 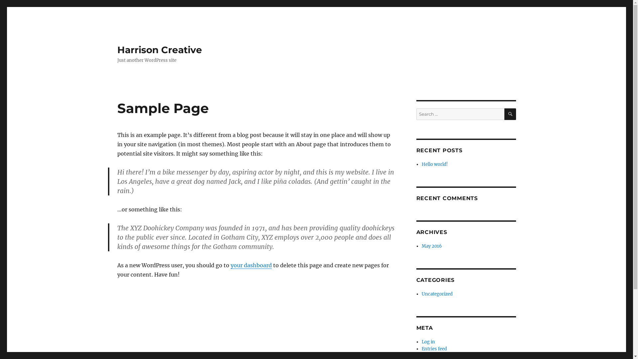 I want to click on 'SEARCH', so click(x=510, y=114).